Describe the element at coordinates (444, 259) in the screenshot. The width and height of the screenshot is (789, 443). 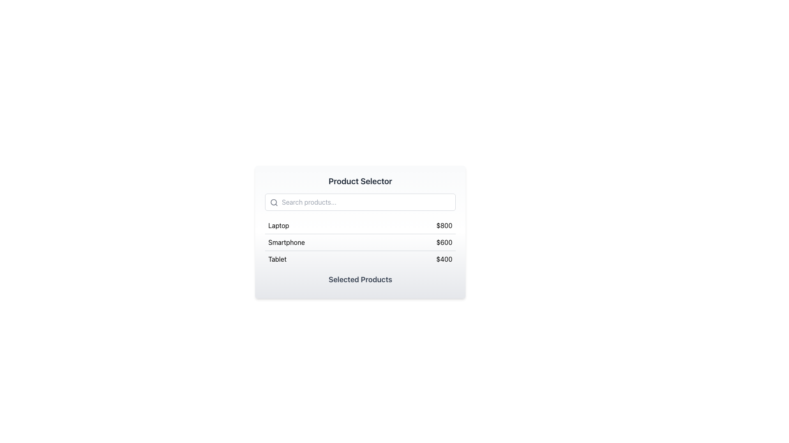
I see `the text label displaying '$400', which is positioned at the far-right side of the row labeled 'Tablet' in the product selection form` at that location.